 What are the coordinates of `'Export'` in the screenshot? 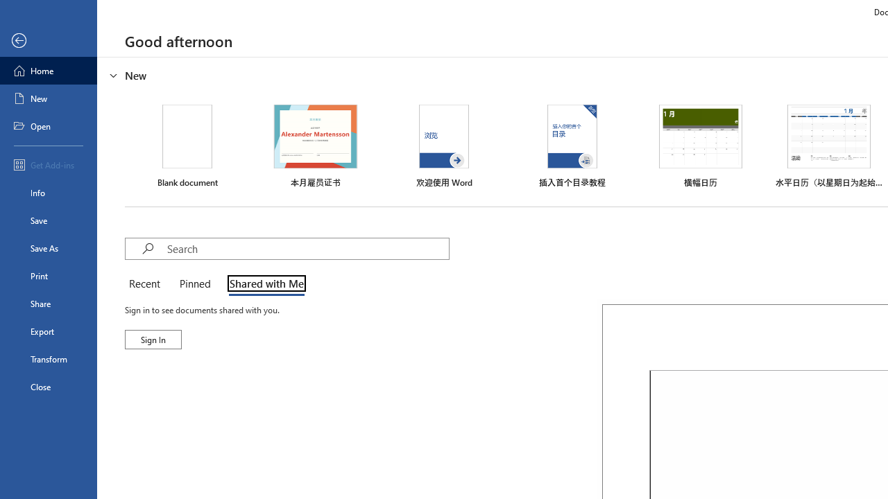 It's located at (48, 331).